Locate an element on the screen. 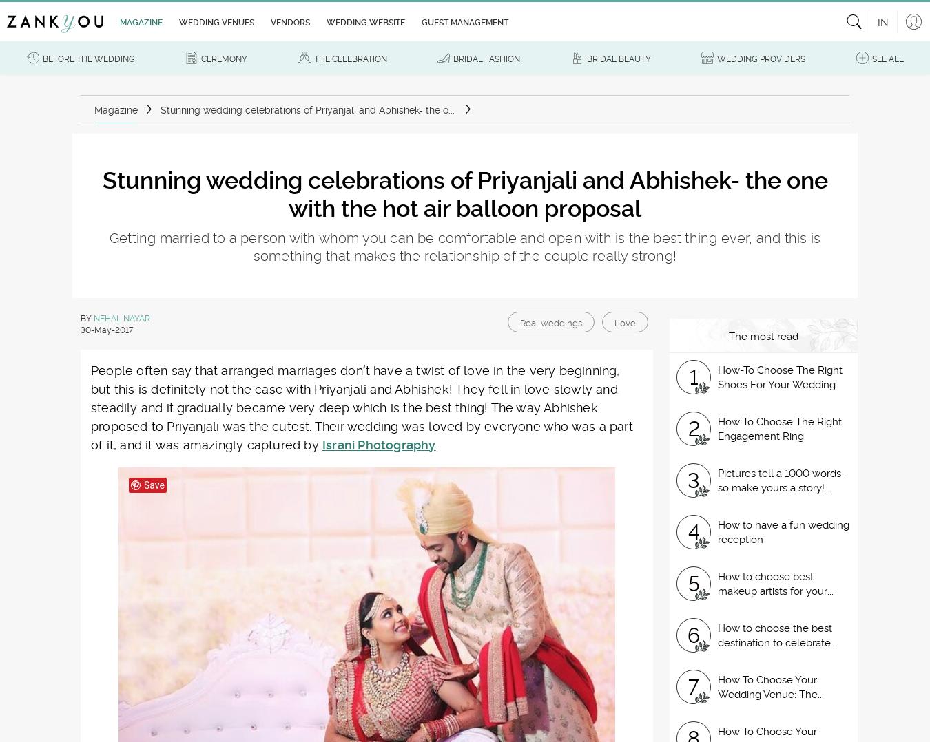 The width and height of the screenshot is (930, 742). 'Plz change the event company link Dhawal H Oza Director DreamZ Events N Ideas EVENTS | ARTISTS | WEDDINGS |BIRTHDAYS 148/152,1st Floor,Room No 30 - 31, Mor Bhuvan Bldg, Opp. Cotton Exchange, Behind Kotak Mahindra Bank, Kalbadevi Road, Mumbai - 400 002. Direct : +91 22 40226660 Board : +91 22 22414926 Fax : +91 22 22428091 Cell : +91 9821010150 Email : dhawal@dreamzevents.com Web : http://www.dreamzevents.com Thank for a gr8 article.' is located at coordinates (380, 270).